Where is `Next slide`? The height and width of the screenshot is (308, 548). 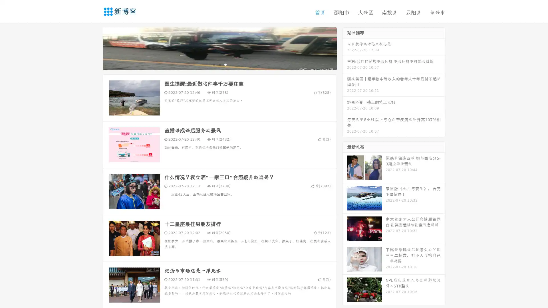 Next slide is located at coordinates (345, 48).